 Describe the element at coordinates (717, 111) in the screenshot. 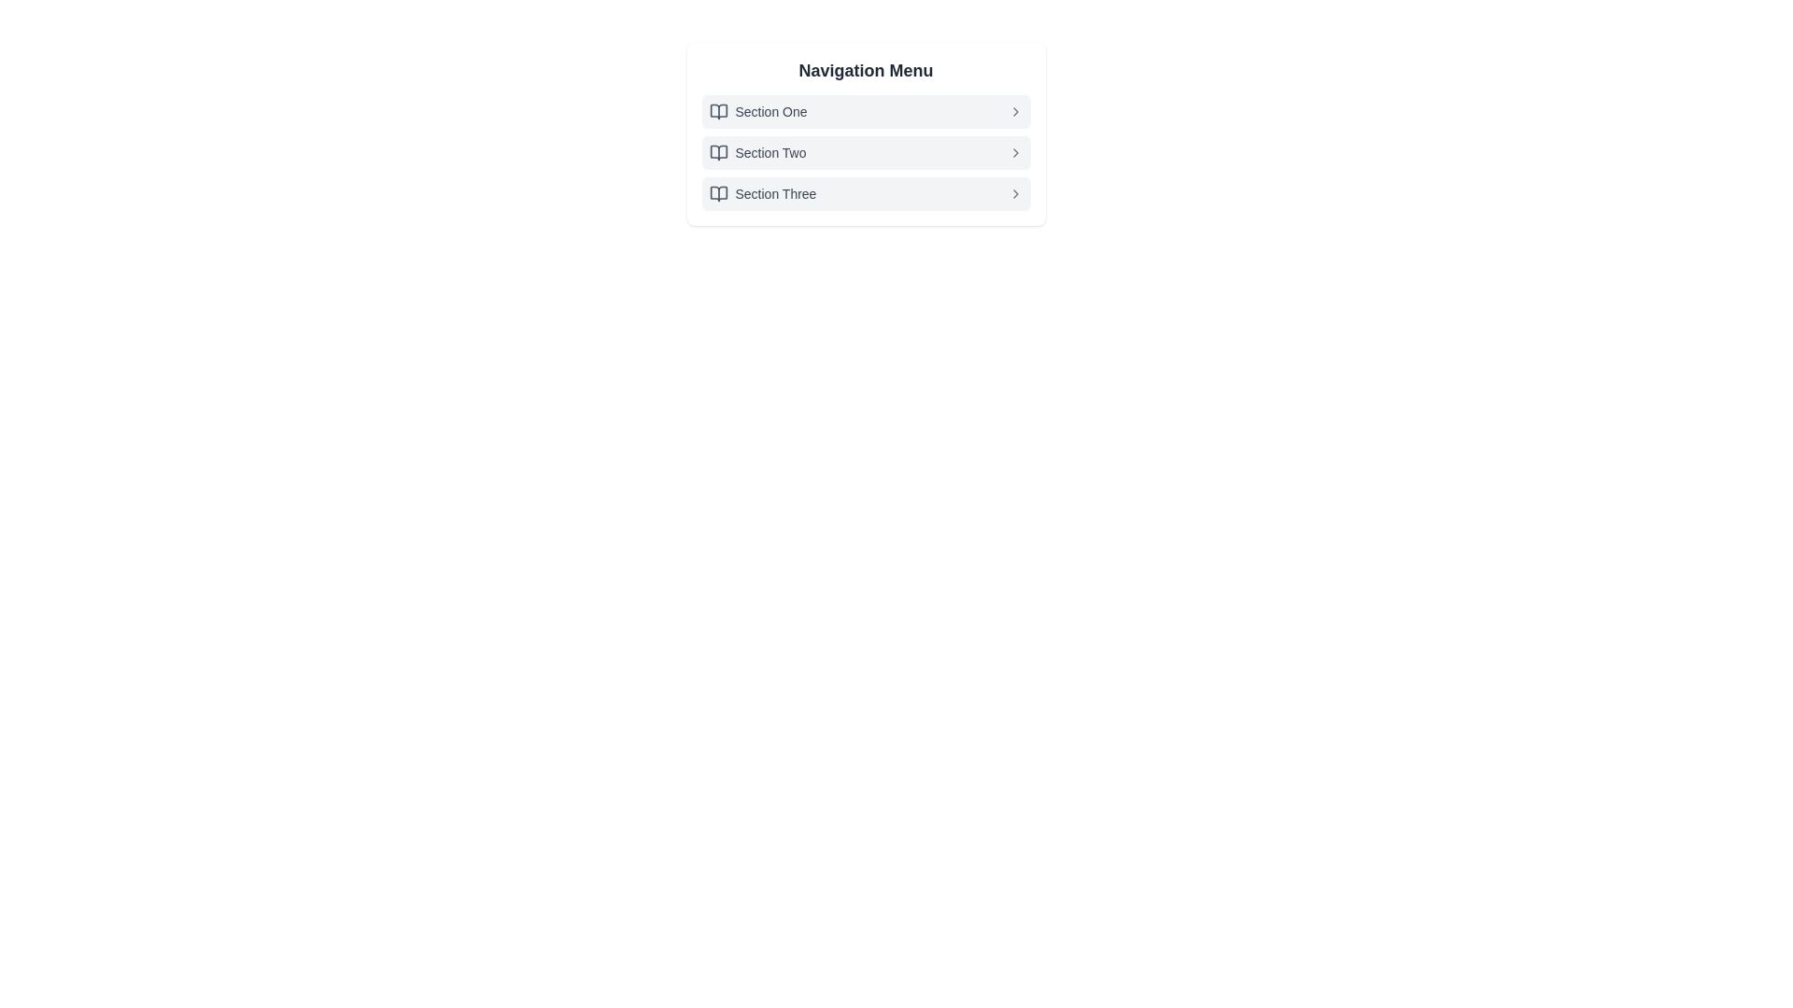

I see `the book icon (SVG) located on the left side of 'Section One' in the navigation menu, which serves as a visual identifier for that section` at that location.